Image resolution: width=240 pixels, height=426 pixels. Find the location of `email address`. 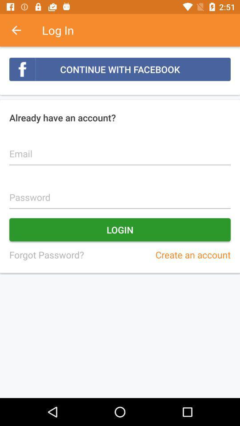

email address is located at coordinates (120, 149).